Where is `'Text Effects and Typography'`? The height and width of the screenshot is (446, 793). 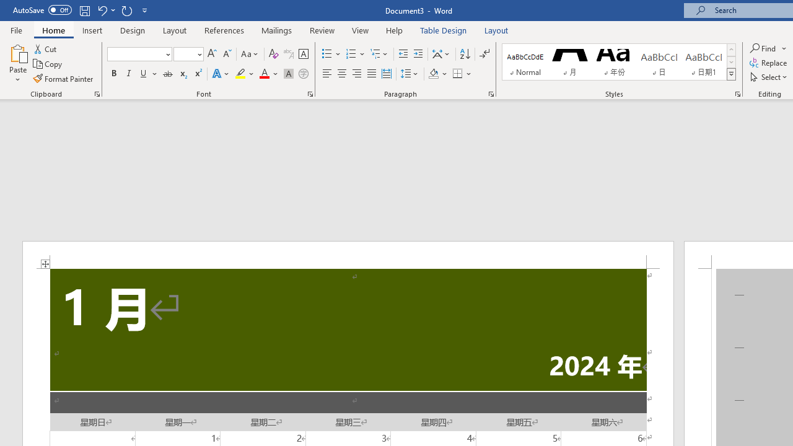
'Text Effects and Typography' is located at coordinates (221, 74).